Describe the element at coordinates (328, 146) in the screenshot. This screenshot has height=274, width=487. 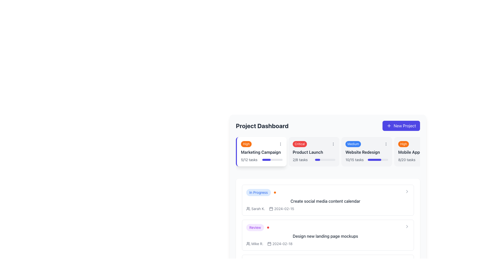
I see `the second card element in the horizontal list, which has a light gray background, a red 'Critical' status badge, and a 'Product Launch' label` at that location.